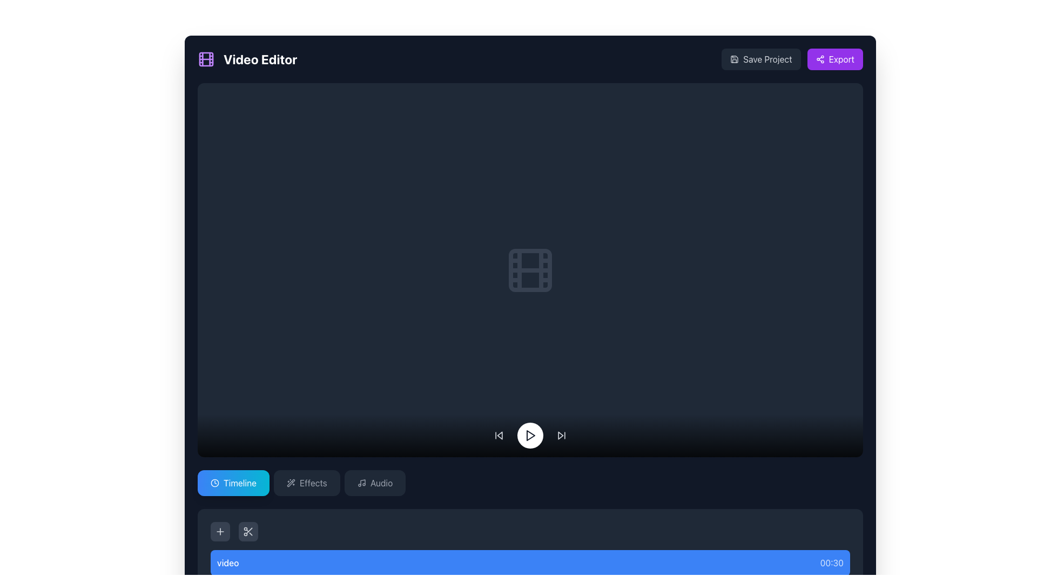  Describe the element at coordinates (362, 482) in the screenshot. I see `the vertical line portion of the musical note in the 'music' icon located on the bottom interface bar` at that location.